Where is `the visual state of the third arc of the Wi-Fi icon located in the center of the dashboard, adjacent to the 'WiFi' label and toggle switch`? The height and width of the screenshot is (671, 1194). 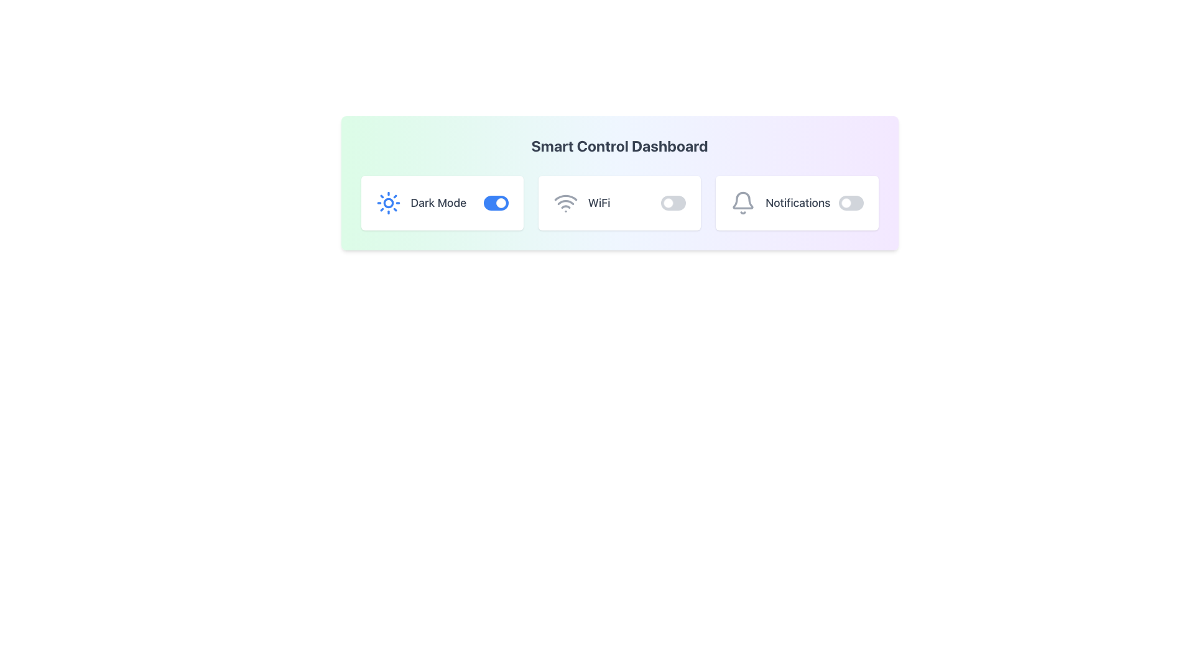 the visual state of the third arc of the Wi-Fi icon located in the center of the dashboard, adjacent to the 'WiFi' label and toggle switch is located at coordinates (565, 202).